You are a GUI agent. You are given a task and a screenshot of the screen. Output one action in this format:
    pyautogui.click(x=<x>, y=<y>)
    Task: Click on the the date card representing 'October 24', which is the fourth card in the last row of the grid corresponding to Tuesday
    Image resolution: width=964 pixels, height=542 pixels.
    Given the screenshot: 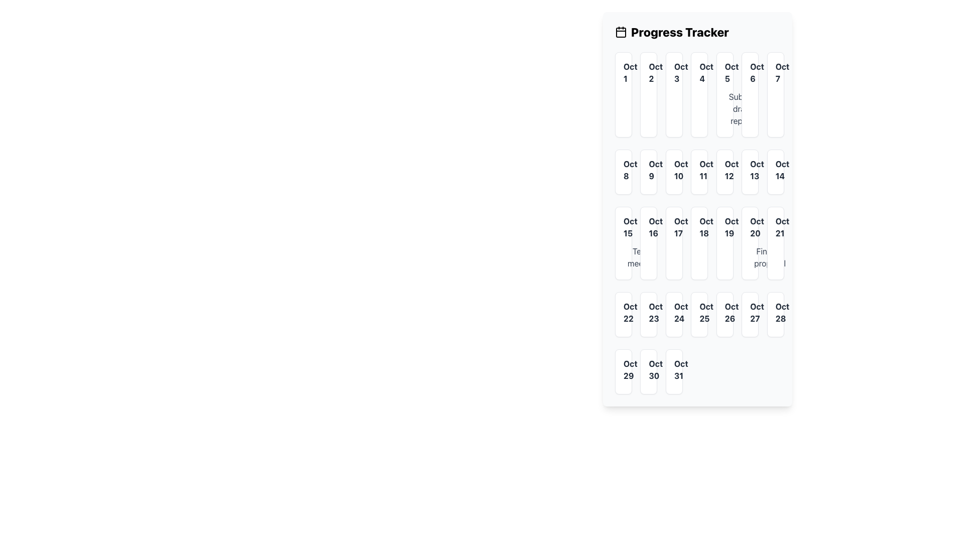 What is the action you would take?
    pyautogui.click(x=674, y=314)
    